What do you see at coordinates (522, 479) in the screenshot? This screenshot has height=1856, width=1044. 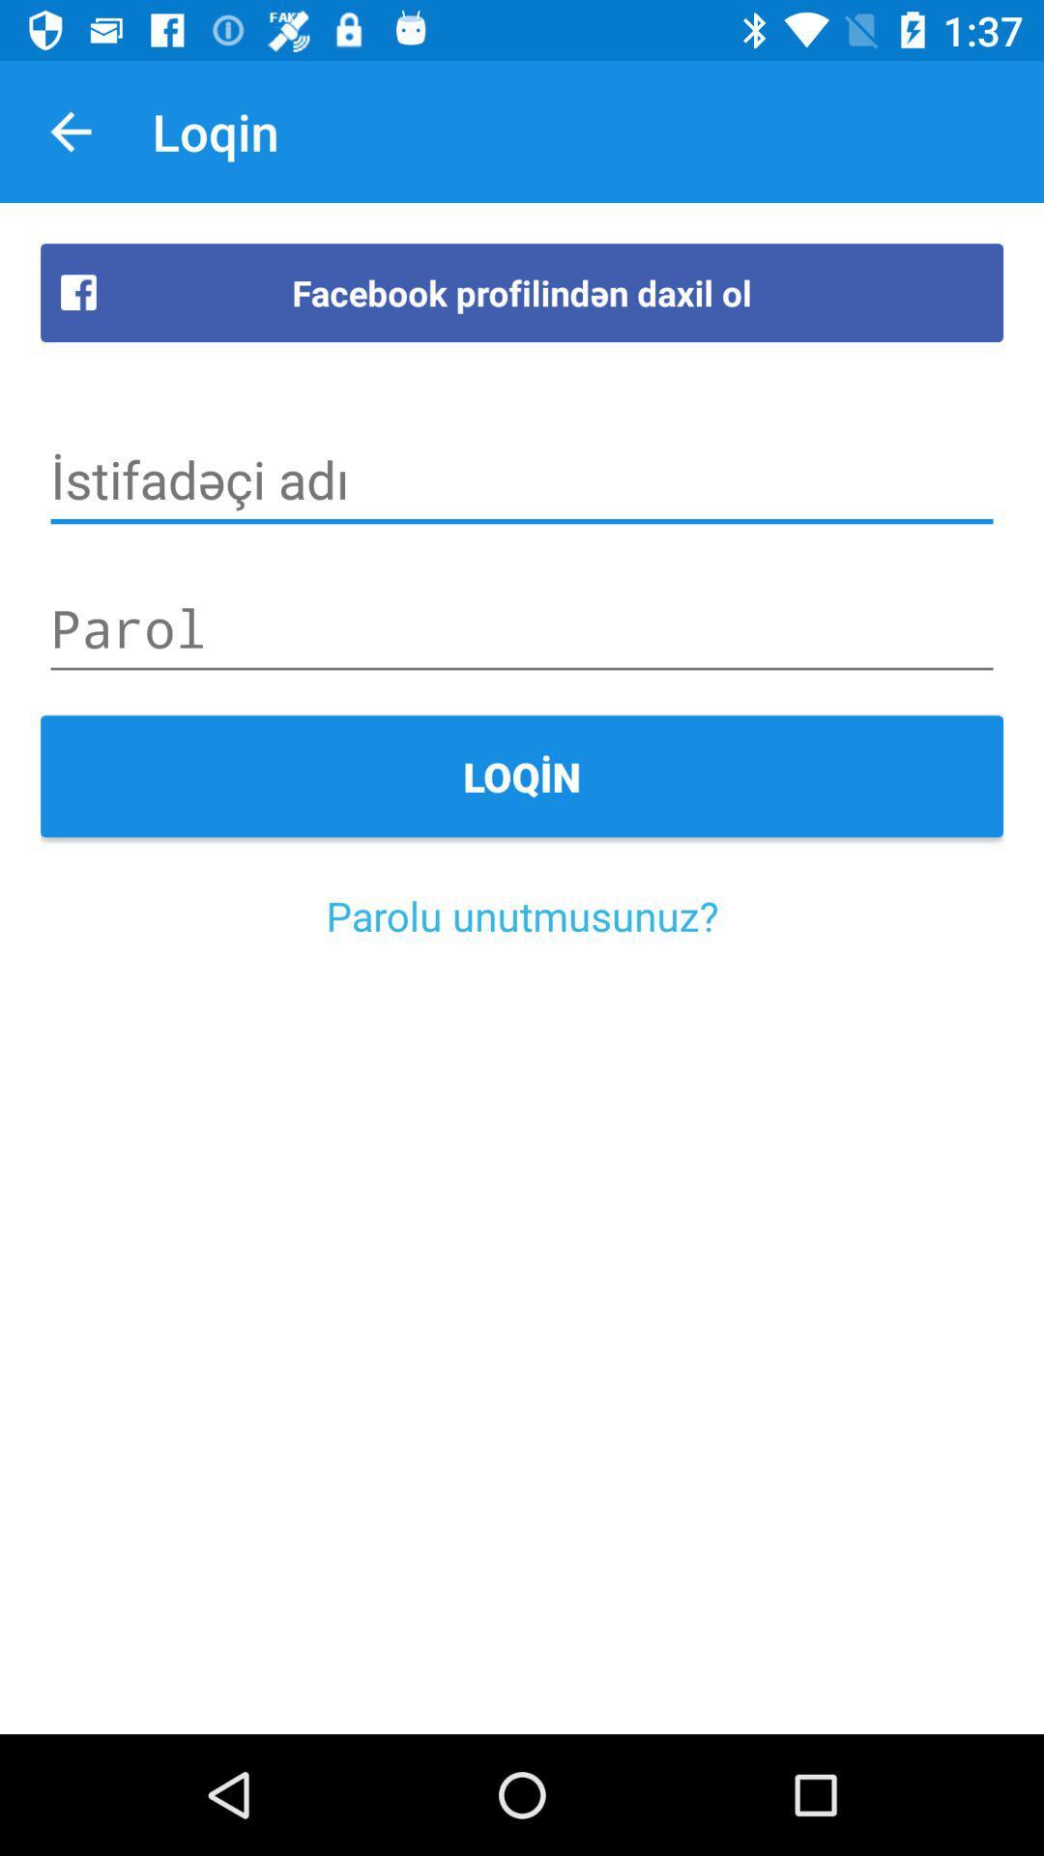 I see `type username` at bounding box center [522, 479].